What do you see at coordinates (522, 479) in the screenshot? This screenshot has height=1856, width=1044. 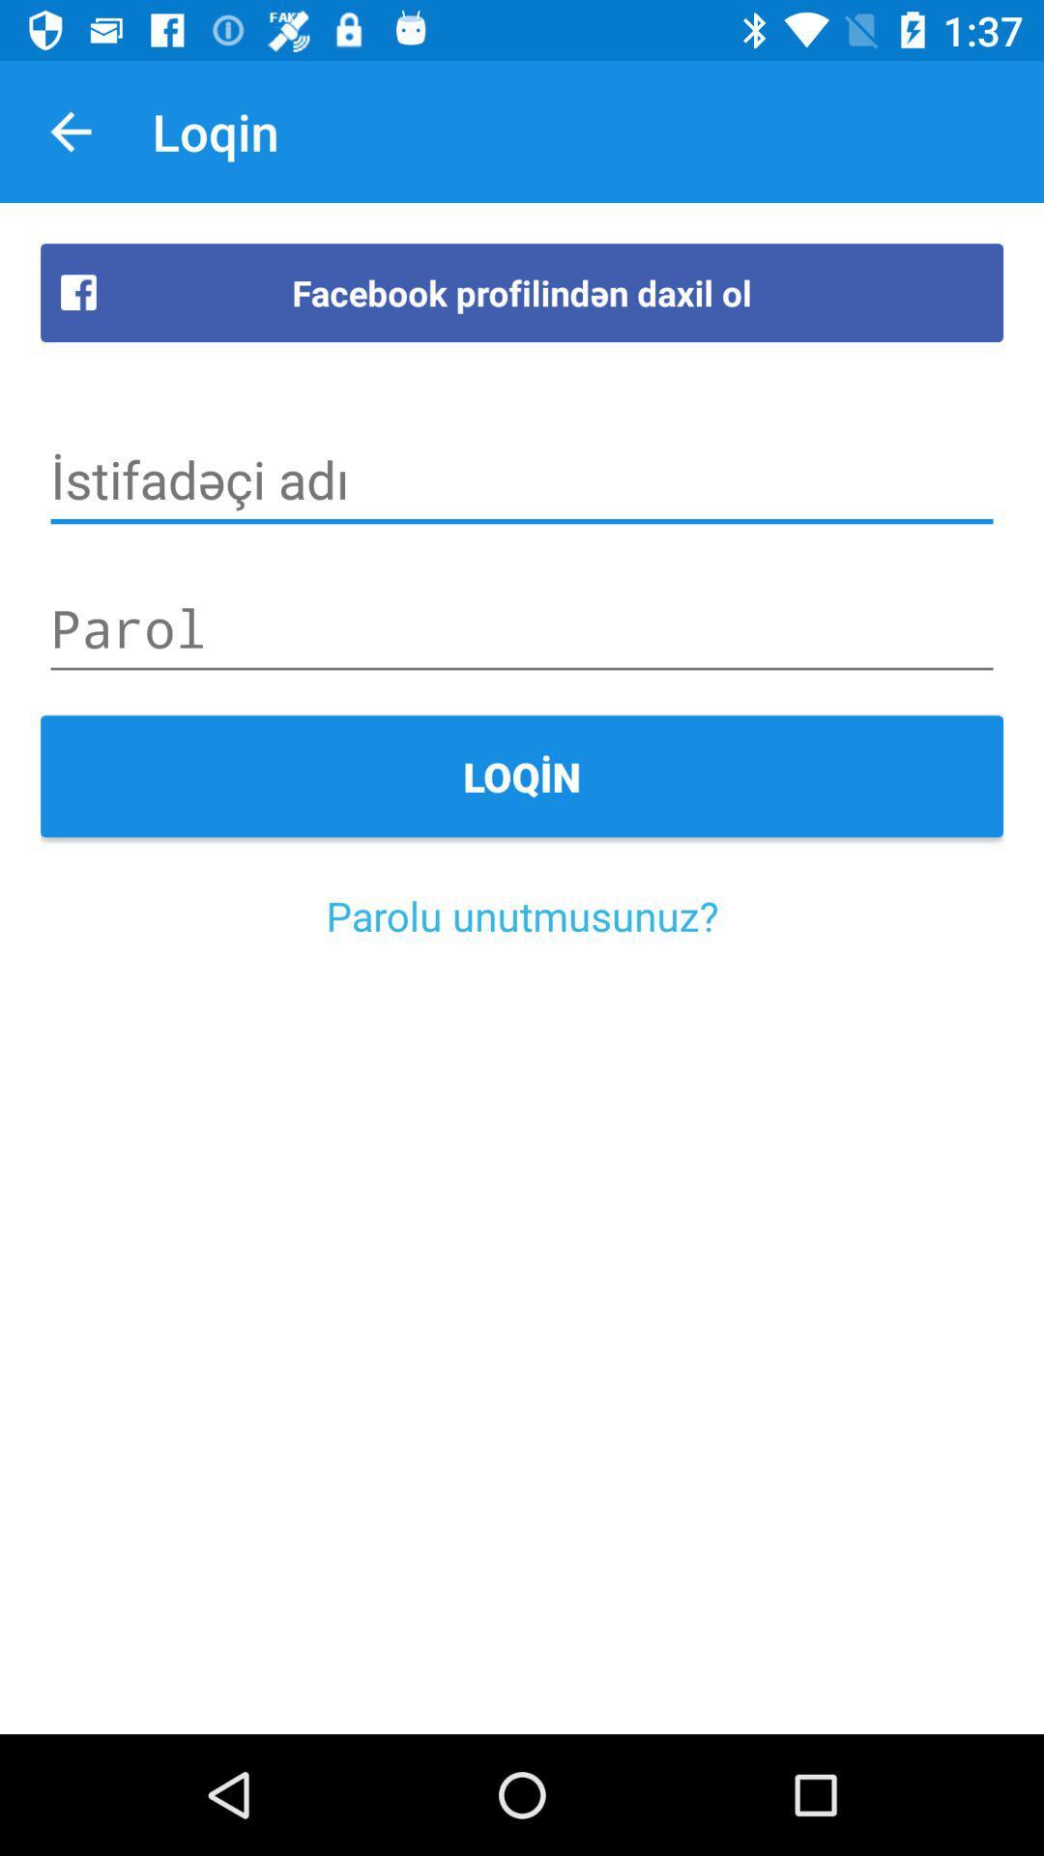 I see `type username` at bounding box center [522, 479].